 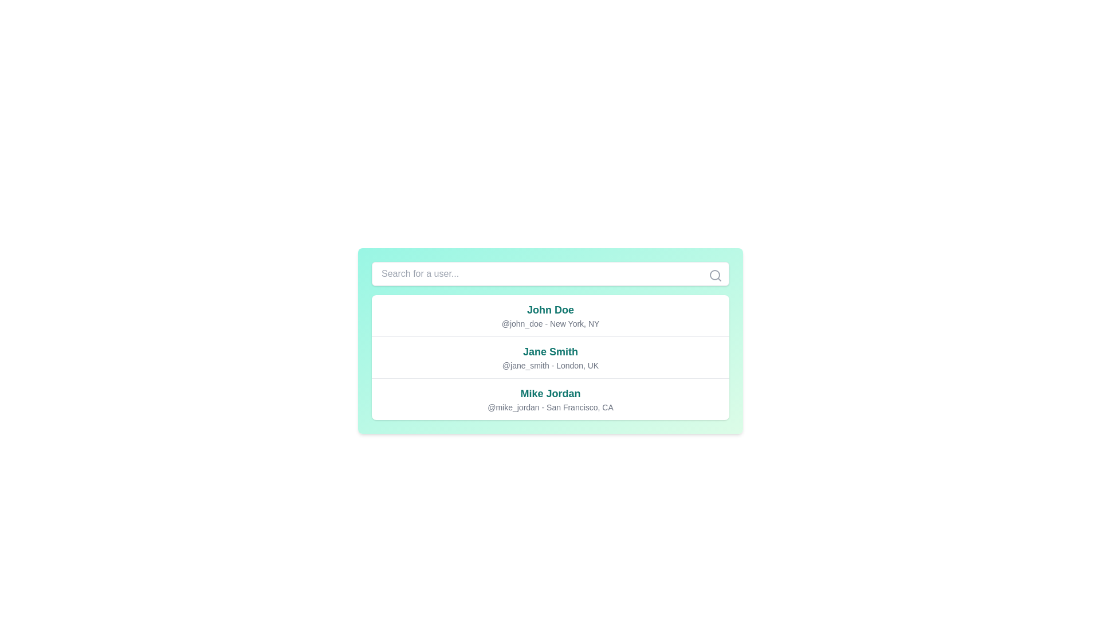 What do you see at coordinates (550, 393) in the screenshot?
I see `the Text label displaying the user's name, which is positioned above the text '@mike_jordan - San Francisco, CA' in the lower section of a list of similar elements` at bounding box center [550, 393].